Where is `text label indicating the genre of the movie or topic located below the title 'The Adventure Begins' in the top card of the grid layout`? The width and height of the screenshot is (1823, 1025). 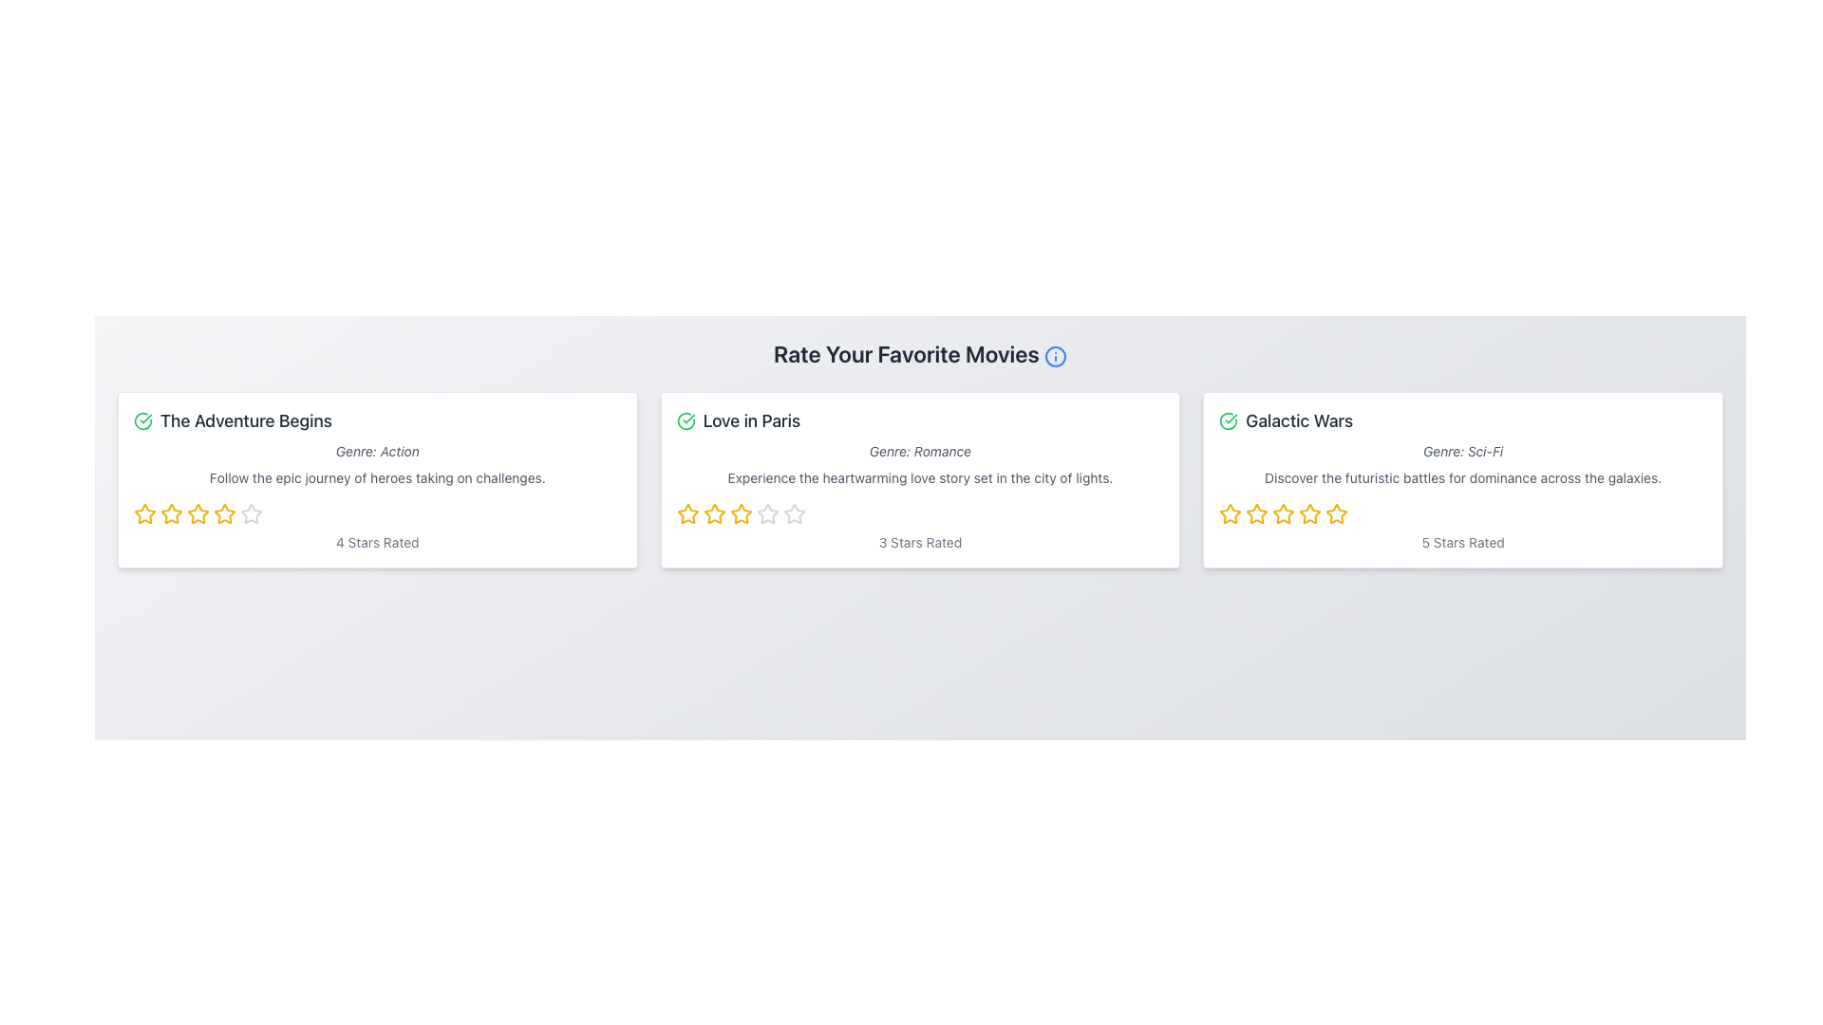 text label indicating the genre of the movie or topic located below the title 'The Adventure Begins' in the top card of the grid layout is located at coordinates (377, 451).